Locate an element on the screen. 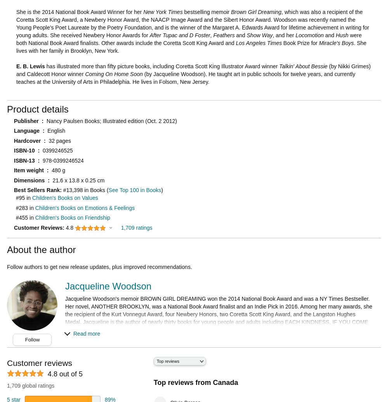 The width and height of the screenshot is (388, 402). '#283 in' is located at coordinates (25, 207).